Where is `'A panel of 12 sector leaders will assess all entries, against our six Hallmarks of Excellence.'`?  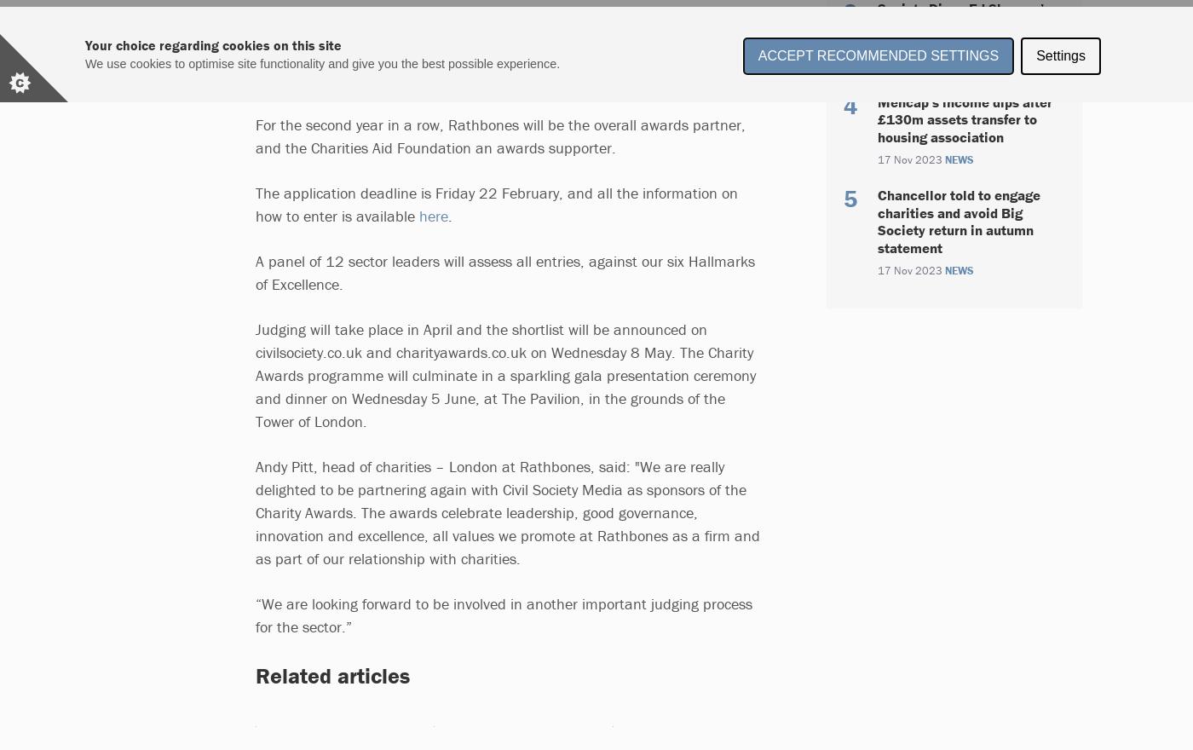
'A panel of 12 sector leaders will assess all entries, against our six Hallmarks of Excellence.' is located at coordinates (505, 271).